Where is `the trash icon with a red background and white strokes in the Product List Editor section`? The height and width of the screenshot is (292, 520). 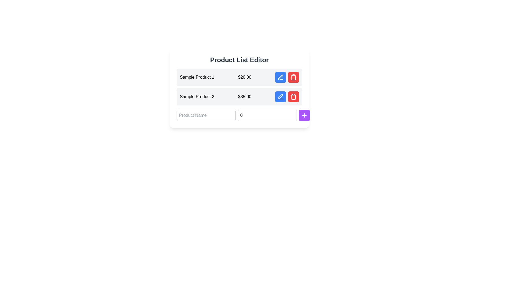
the trash icon with a red background and white strokes in the Product List Editor section is located at coordinates (293, 97).